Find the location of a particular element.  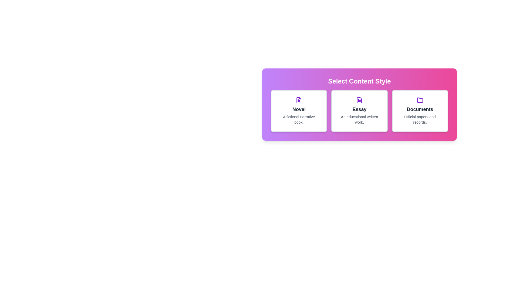

the text label that reads 'A fictional narrative book.' styled in gray color, located below the title 'Novel' in the leftmost card of three horizontally aligned cards is located at coordinates (299, 119).